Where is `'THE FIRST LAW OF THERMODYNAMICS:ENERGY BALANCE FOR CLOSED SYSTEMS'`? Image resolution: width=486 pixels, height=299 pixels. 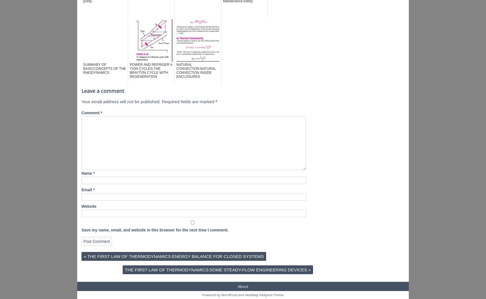
'THE FIRST LAW OF THERMODYNAMICS:ENERGY BALANCE FOR CLOSED SYSTEMS' is located at coordinates (174, 256).